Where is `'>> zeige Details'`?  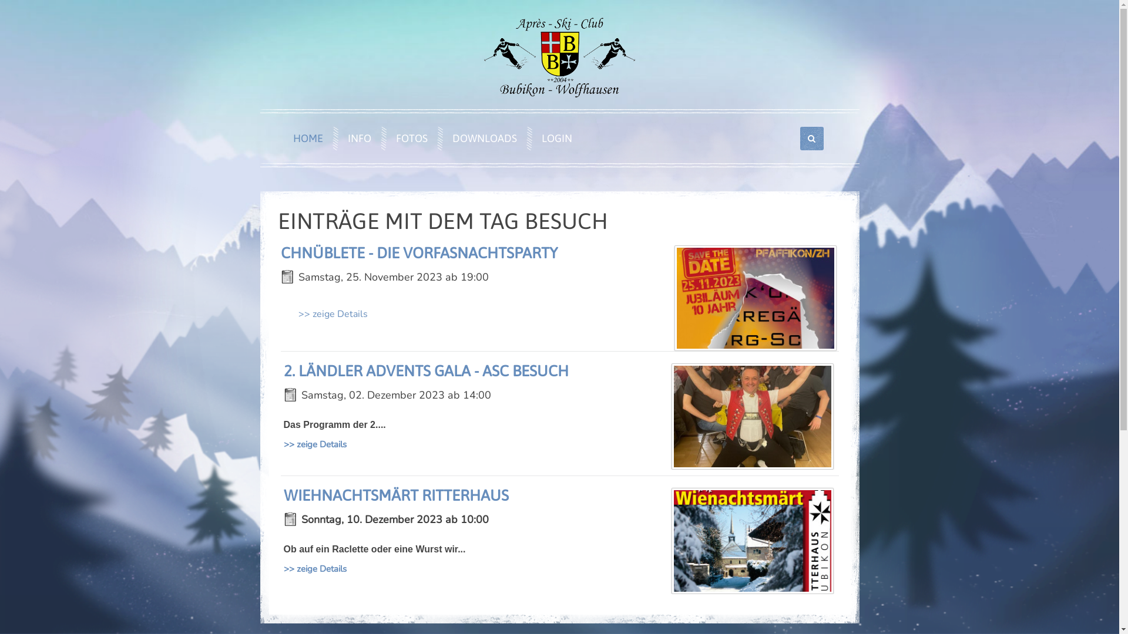 '>> zeige Details' is located at coordinates (314, 444).